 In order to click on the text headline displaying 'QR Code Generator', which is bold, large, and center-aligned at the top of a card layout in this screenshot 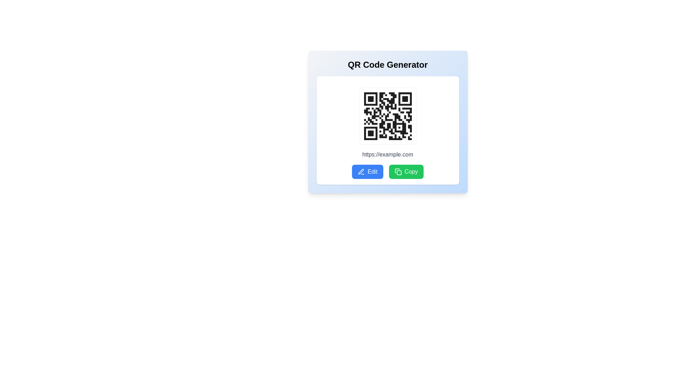, I will do `click(387, 65)`.